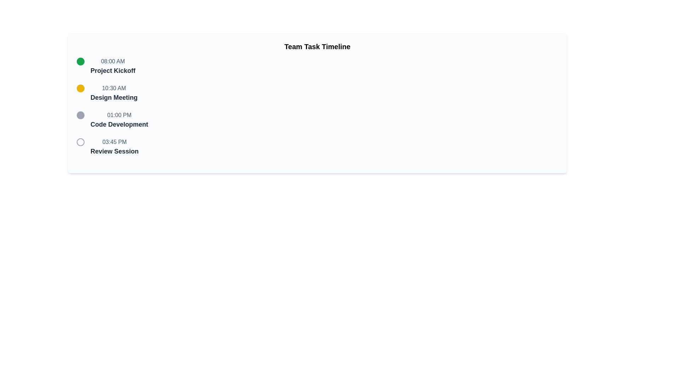 The image size is (679, 382). What do you see at coordinates (114, 98) in the screenshot?
I see `the 'Design Meeting' text label, which is styled in bold dark gray and positioned below the '10:30 AM' time label within the event timeline` at bounding box center [114, 98].